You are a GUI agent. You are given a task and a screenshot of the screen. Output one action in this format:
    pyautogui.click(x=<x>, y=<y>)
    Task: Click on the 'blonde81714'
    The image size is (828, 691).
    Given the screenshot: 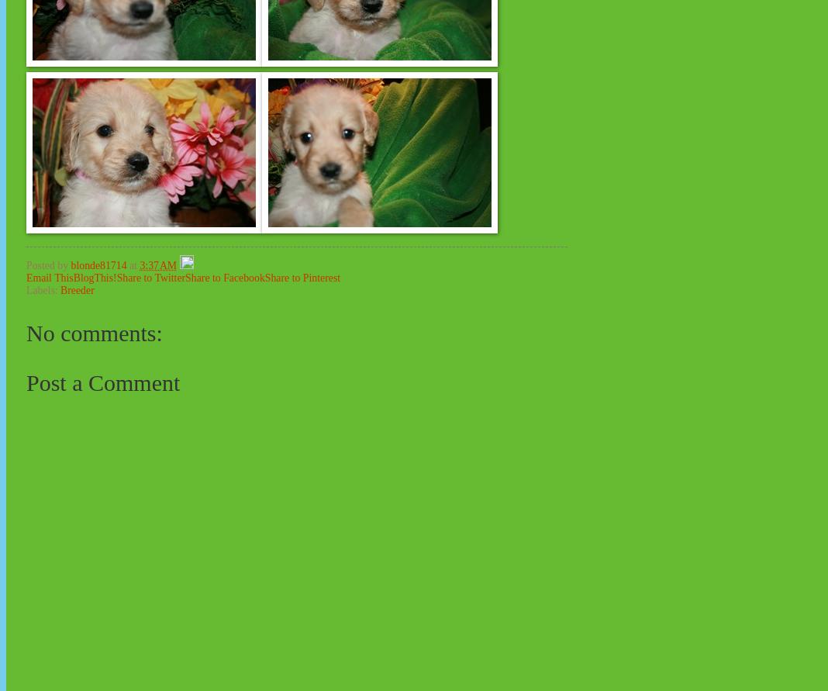 What is the action you would take?
    pyautogui.click(x=99, y=264)
    